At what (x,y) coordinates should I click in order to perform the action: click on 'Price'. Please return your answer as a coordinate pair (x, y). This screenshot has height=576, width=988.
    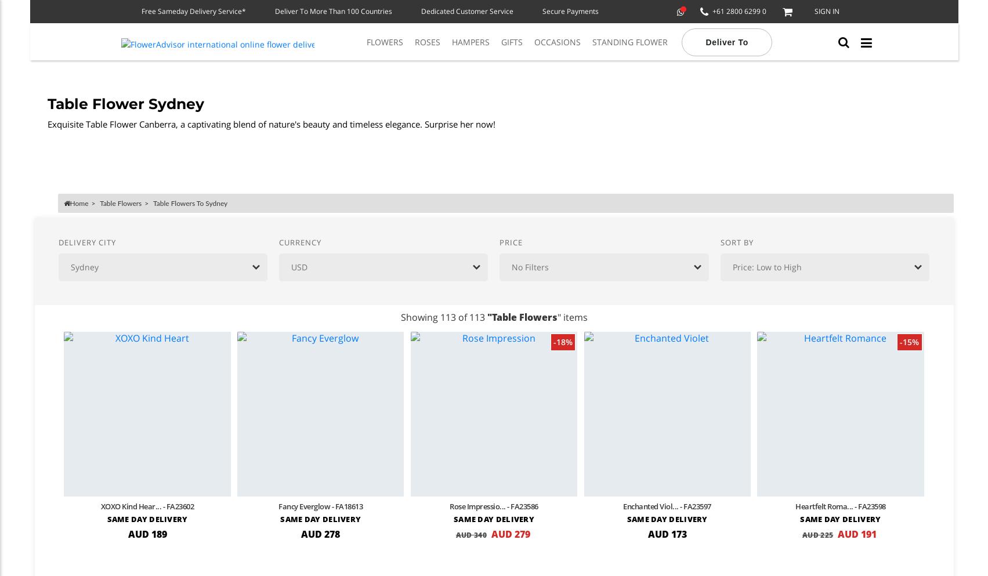
    Looking at the image, I should click on (510, 241).